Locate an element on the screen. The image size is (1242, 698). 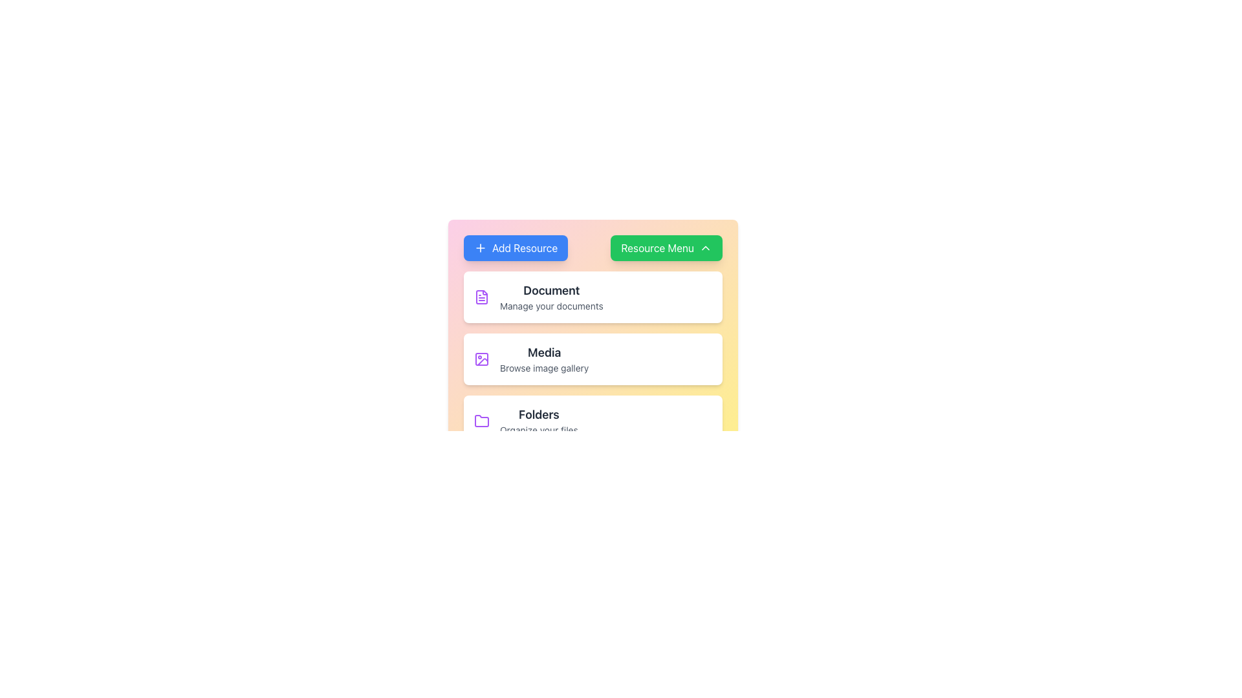
the square icon with a purple border and rounded corners, which contains a circular marker and is located to the left of the 'Media' heading is located at coordinates (481, 359).